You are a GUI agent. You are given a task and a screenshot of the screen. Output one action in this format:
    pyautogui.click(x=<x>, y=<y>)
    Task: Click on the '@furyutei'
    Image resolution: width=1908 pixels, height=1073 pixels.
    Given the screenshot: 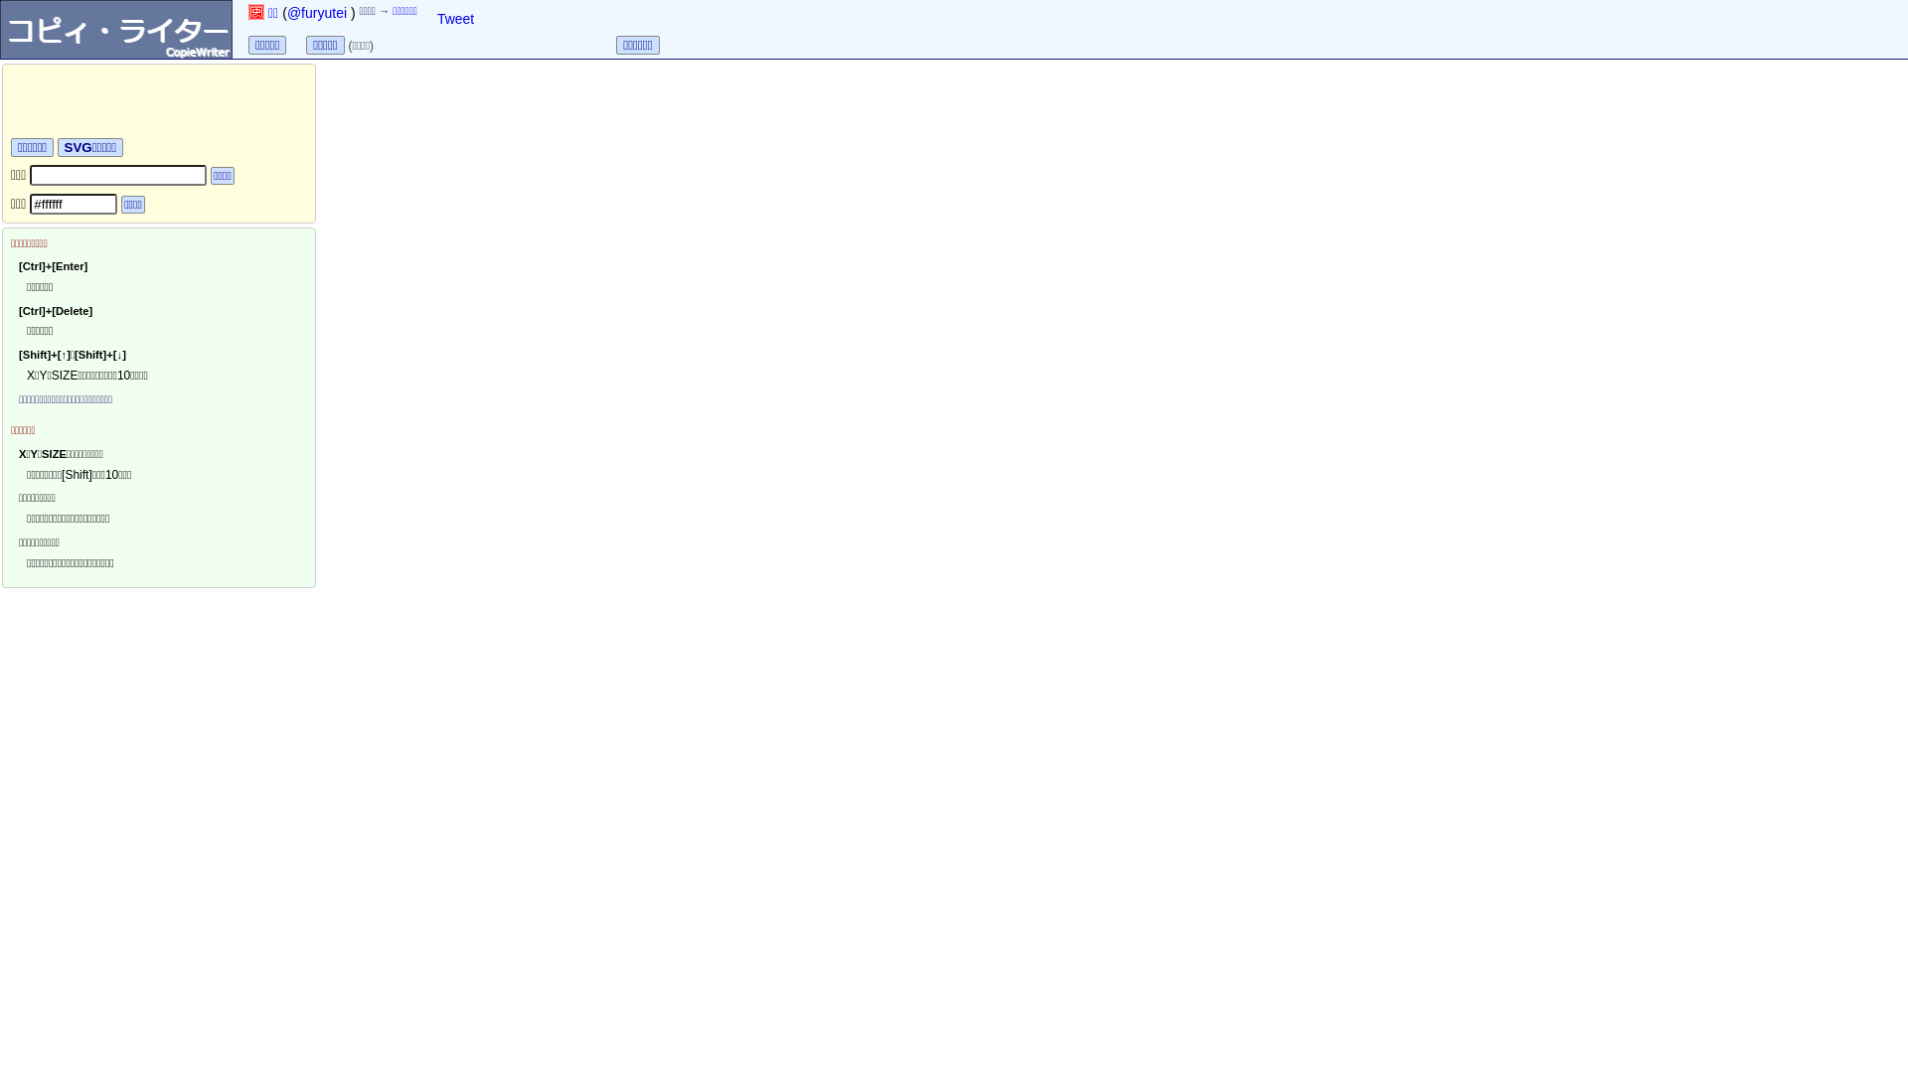 What is the action you would take?
    pyautogui.click(x=315, y=12)
    